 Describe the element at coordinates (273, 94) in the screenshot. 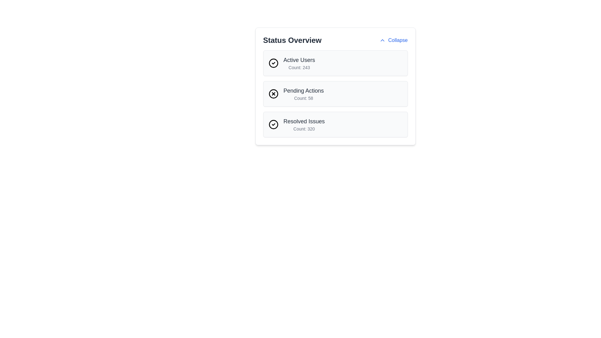

I see `the circular icon representing an issue or alert next to the 'Pending Actions' label in the 'Status Overview' dashboard widget` at that location.